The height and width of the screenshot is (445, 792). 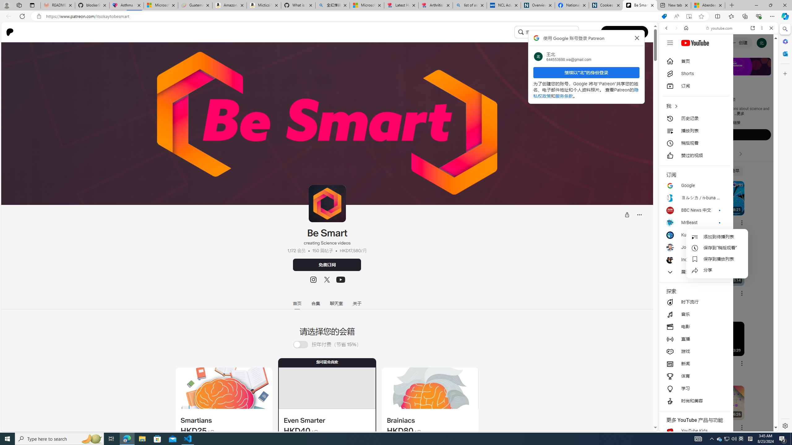 What do you see at coordinates (784, 53) in the screenshot?
I see `'Close Outlook pane'` at bounding box center [784, 53].